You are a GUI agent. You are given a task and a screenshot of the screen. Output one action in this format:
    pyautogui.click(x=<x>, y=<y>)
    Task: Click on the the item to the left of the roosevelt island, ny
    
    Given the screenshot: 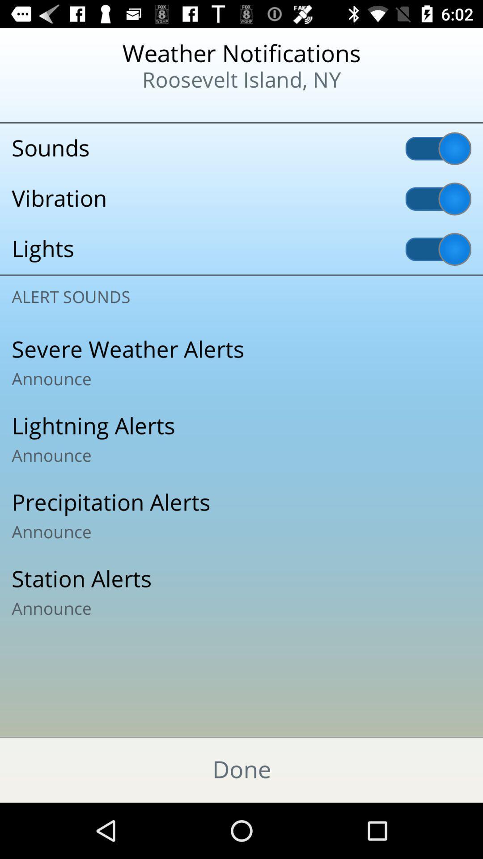 What is the action you would take?
    pyautogui.click(x=59, y=107)
    